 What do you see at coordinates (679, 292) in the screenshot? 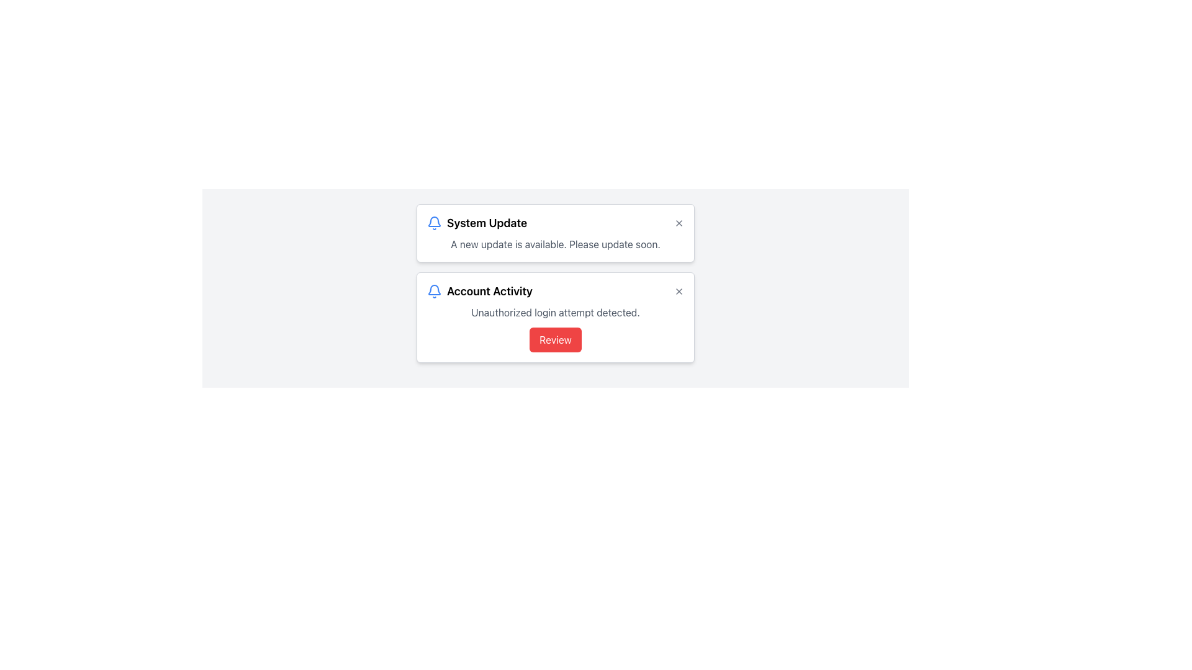
I see `the close button located in the top-right corner of the 'Account Activity' section` at bounding box center [679, 292].